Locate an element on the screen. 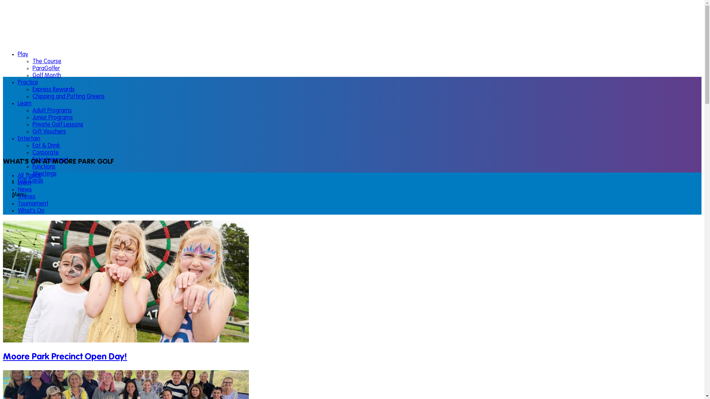 This screenshot has height=399, width=710. 'All Topics' is located at coordinates (29, 175).